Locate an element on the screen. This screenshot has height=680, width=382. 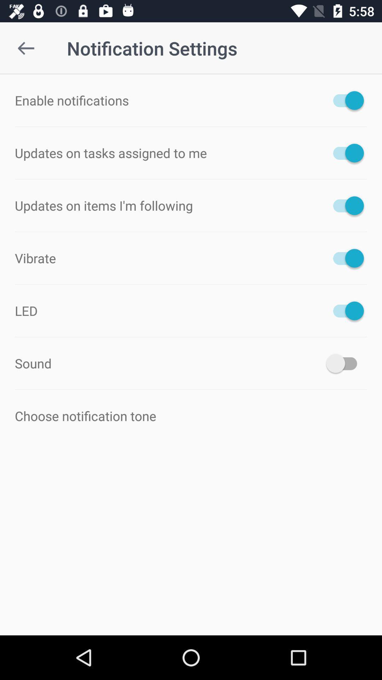
updates on items i 'm following is located at coordinates (345, 205).